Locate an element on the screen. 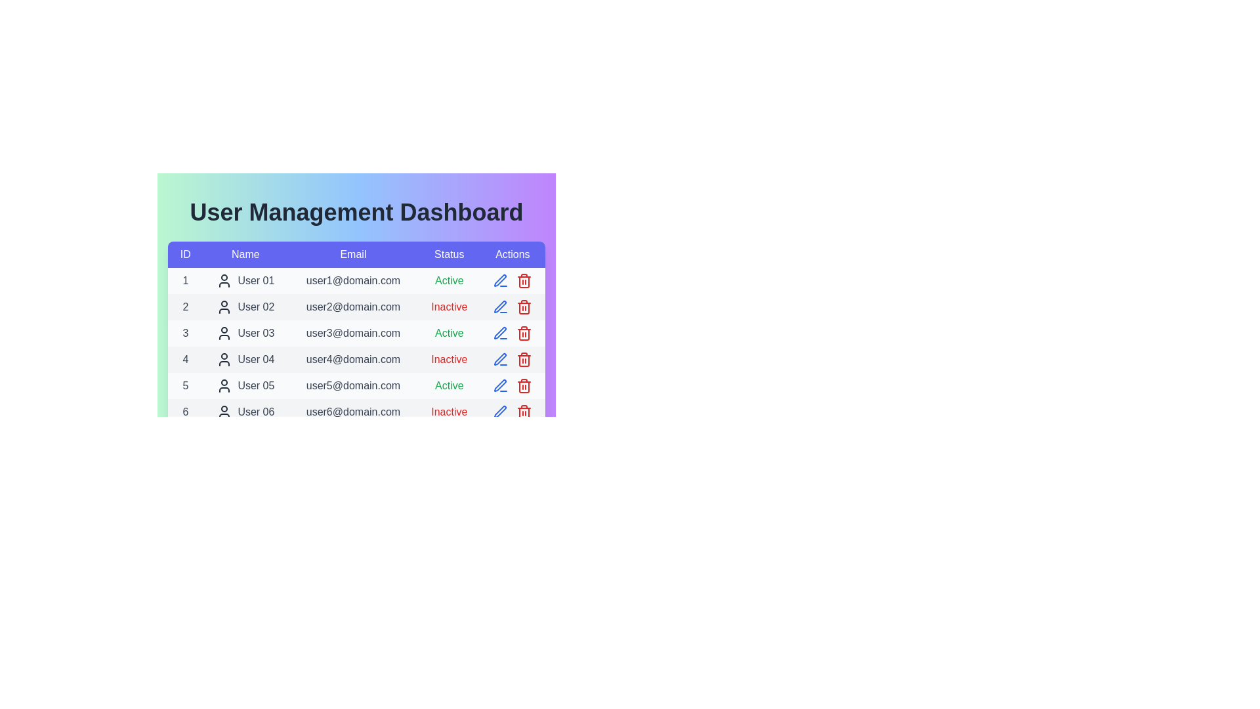  the delete icon for user with ID 4 is located at coordinates (524, 359).